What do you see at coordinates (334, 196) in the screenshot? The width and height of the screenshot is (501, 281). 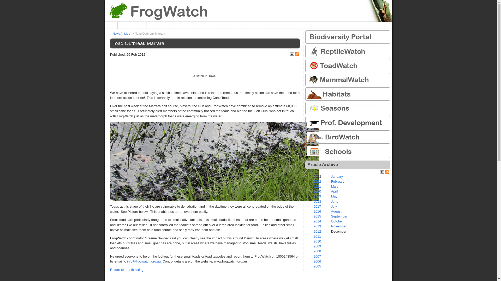 I see `'May'` at bounding box center [334, 196].